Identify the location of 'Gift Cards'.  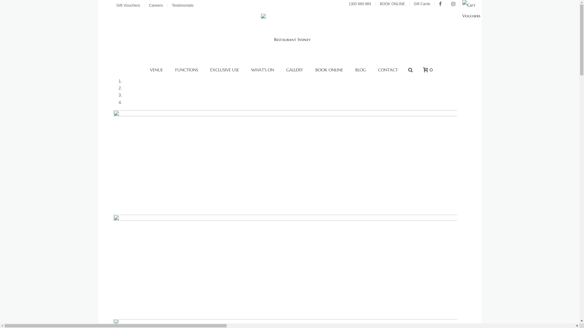
(476, 15).